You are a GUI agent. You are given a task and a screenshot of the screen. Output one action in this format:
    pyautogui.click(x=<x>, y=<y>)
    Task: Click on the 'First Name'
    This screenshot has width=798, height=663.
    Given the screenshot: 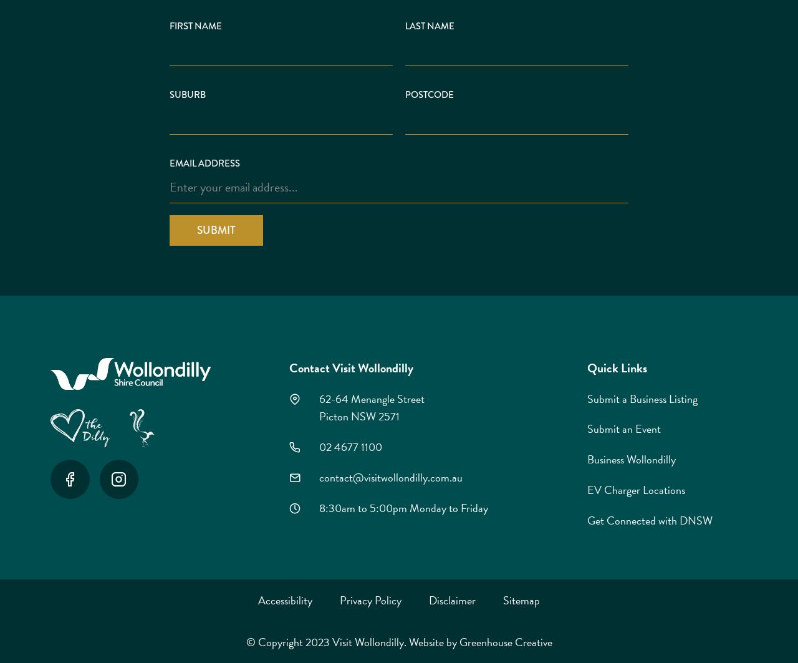 What is the action you would take?
    pyautogui.click(x=169, y=26)
    